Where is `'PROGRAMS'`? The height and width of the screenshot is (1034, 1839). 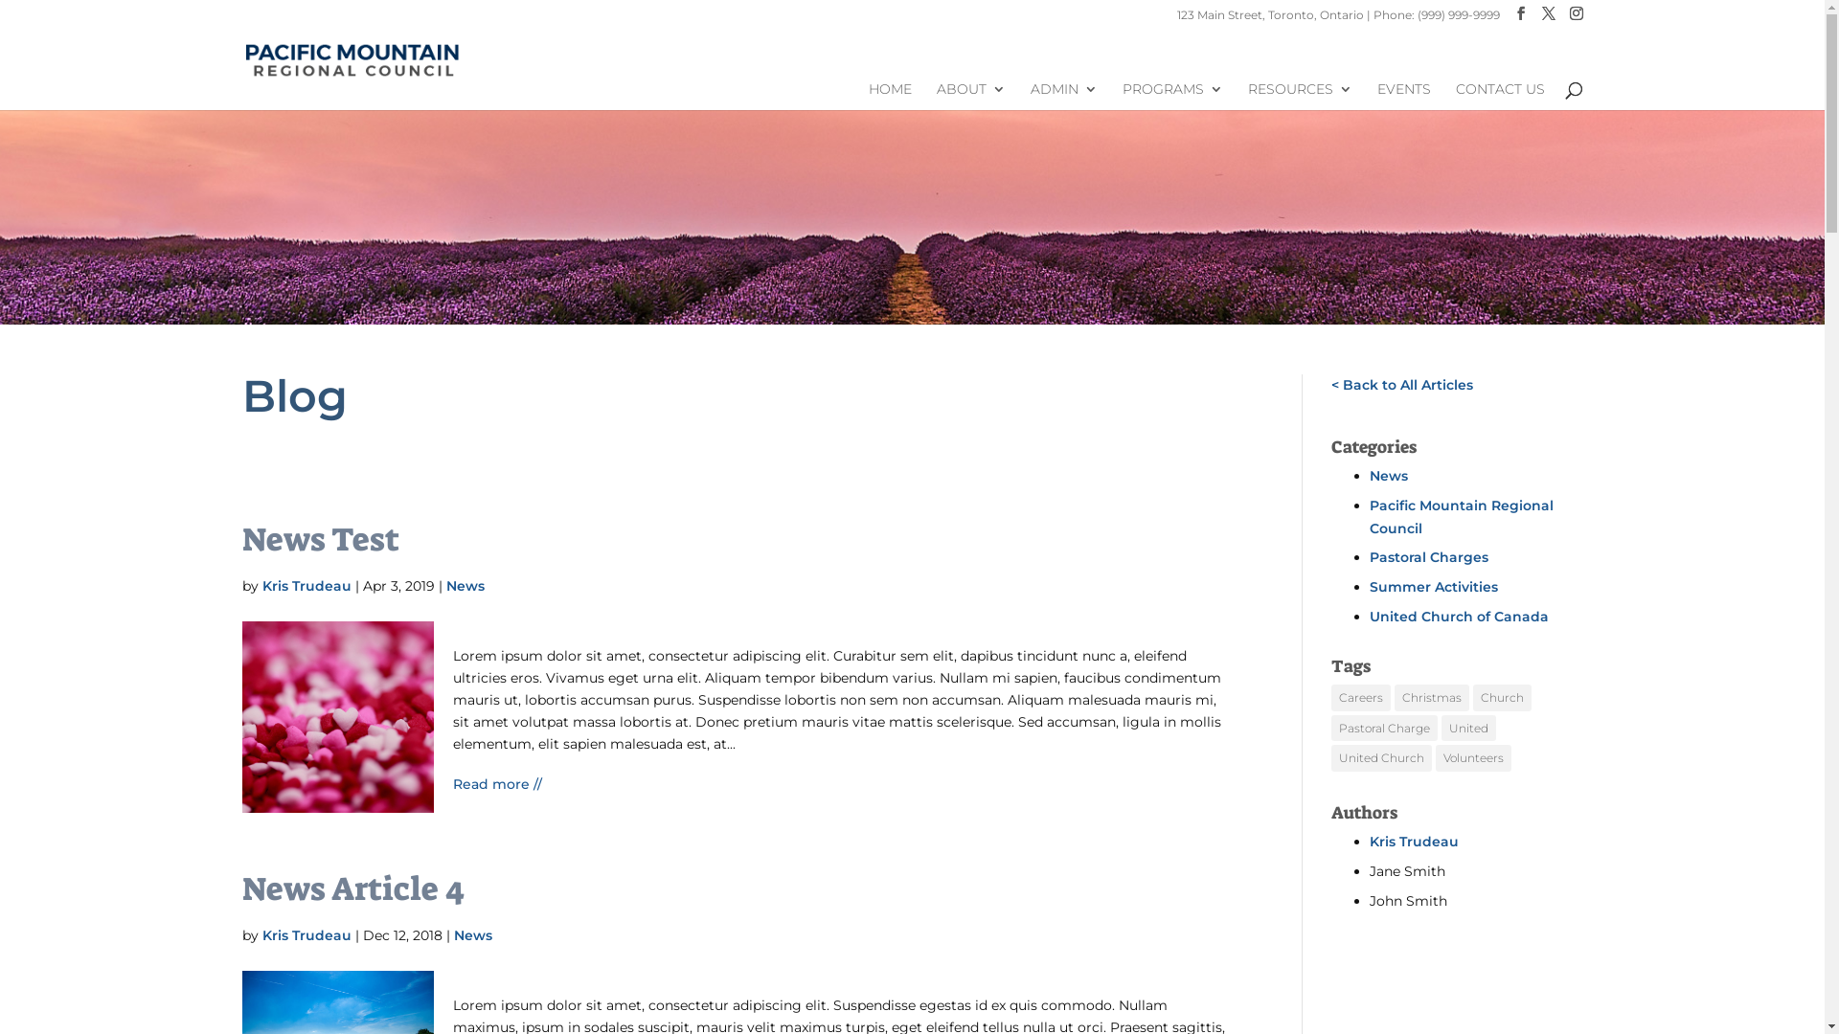 'PROGRAMS' is located at coordinates (1171, 96).